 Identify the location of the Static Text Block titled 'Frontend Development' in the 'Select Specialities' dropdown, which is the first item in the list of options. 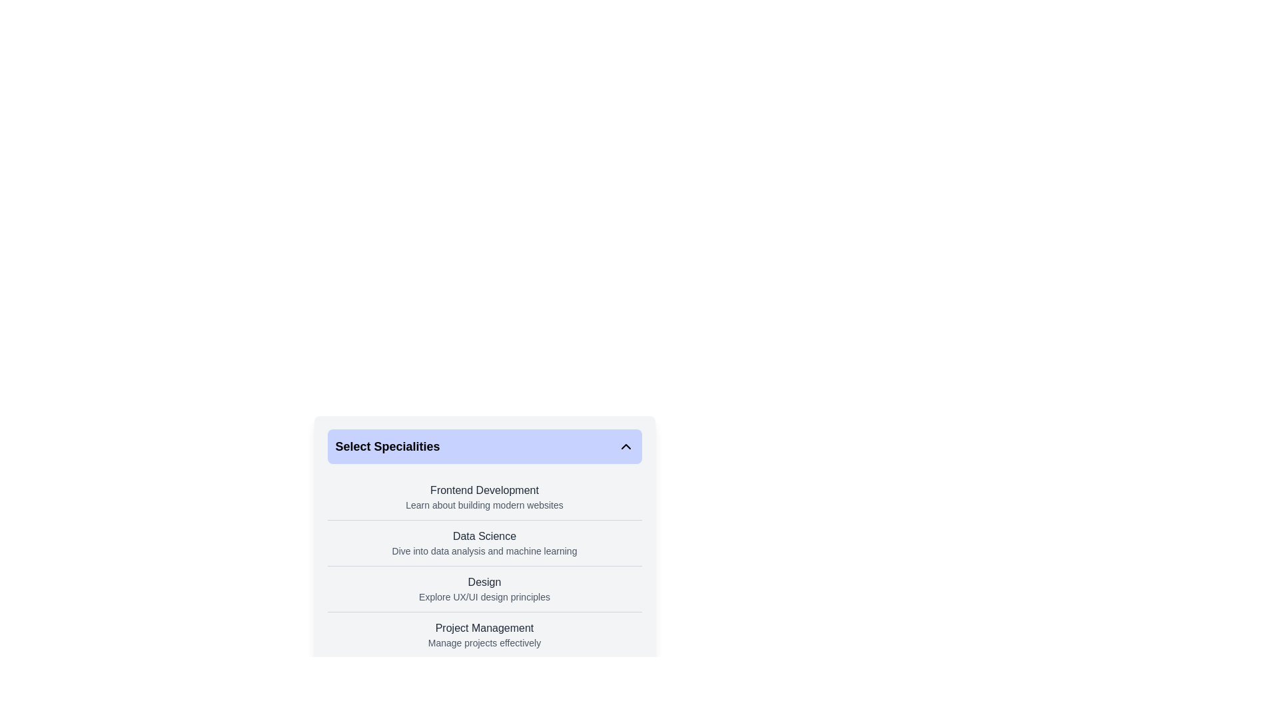
(484, 497).